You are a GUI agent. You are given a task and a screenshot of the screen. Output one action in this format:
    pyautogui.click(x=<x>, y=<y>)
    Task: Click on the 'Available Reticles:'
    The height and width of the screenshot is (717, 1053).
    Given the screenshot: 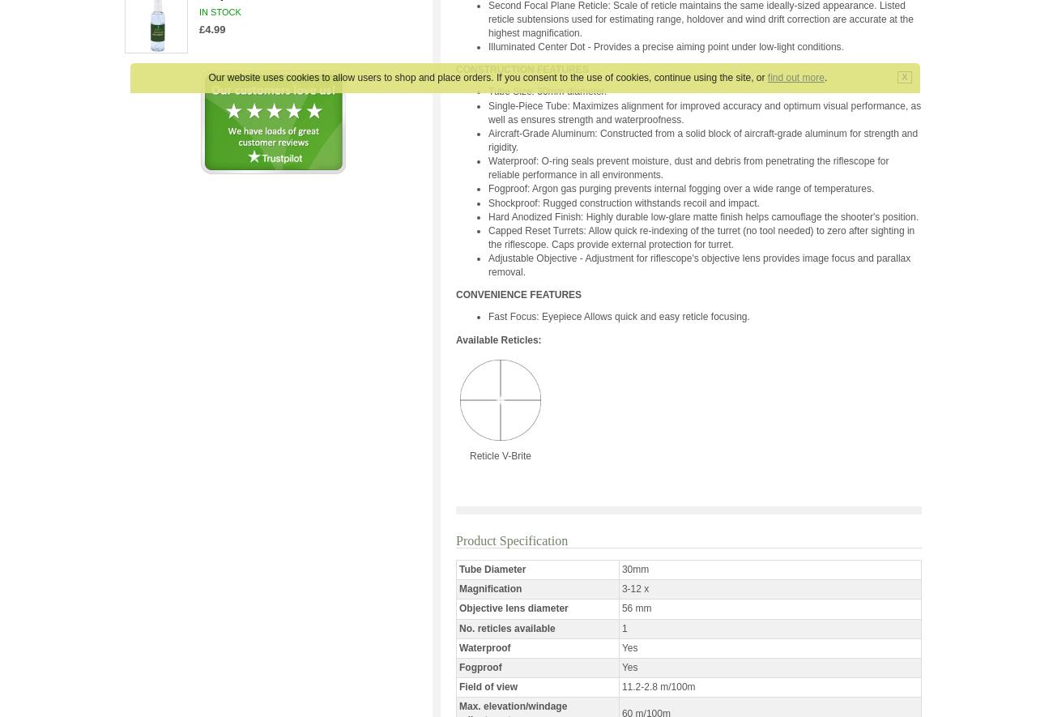 What is the action you would take?
    pyautogui.click(x=498, y=339)
    